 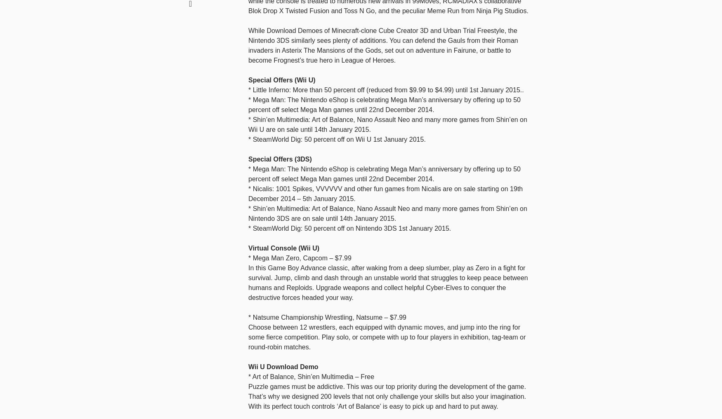 What do you see at coordinates (388, 282) in the screenshot?
I see `'In this Game Boy Advance classic, after waking from a deep slumber, play as Zero in a fight for survival. Jump, climb and dash through an unstable world that struggles to keep peace between humans and Reploids. Upgrade weapons and collect helpful Cyber-Elves to conquer the destructive forces headed your way.'` at bounding box center [388, 282].